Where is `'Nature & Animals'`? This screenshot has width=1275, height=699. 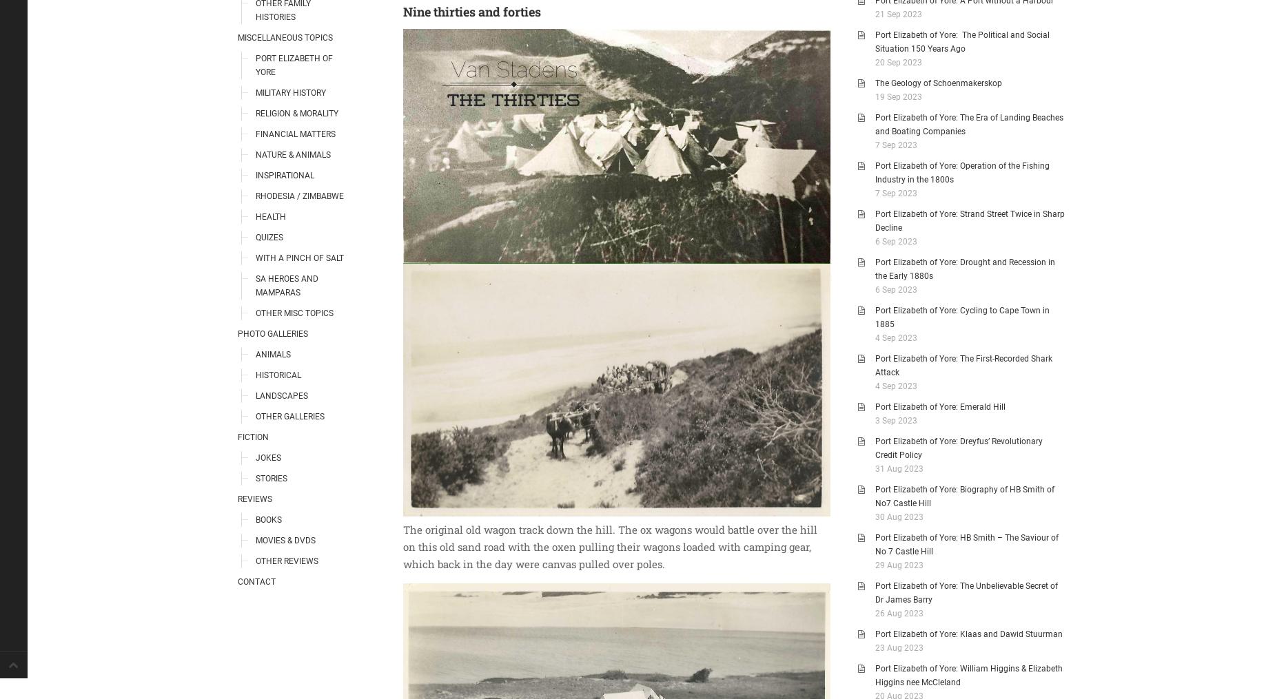 'Nature & Animals' is located at coordinates (292, 154).